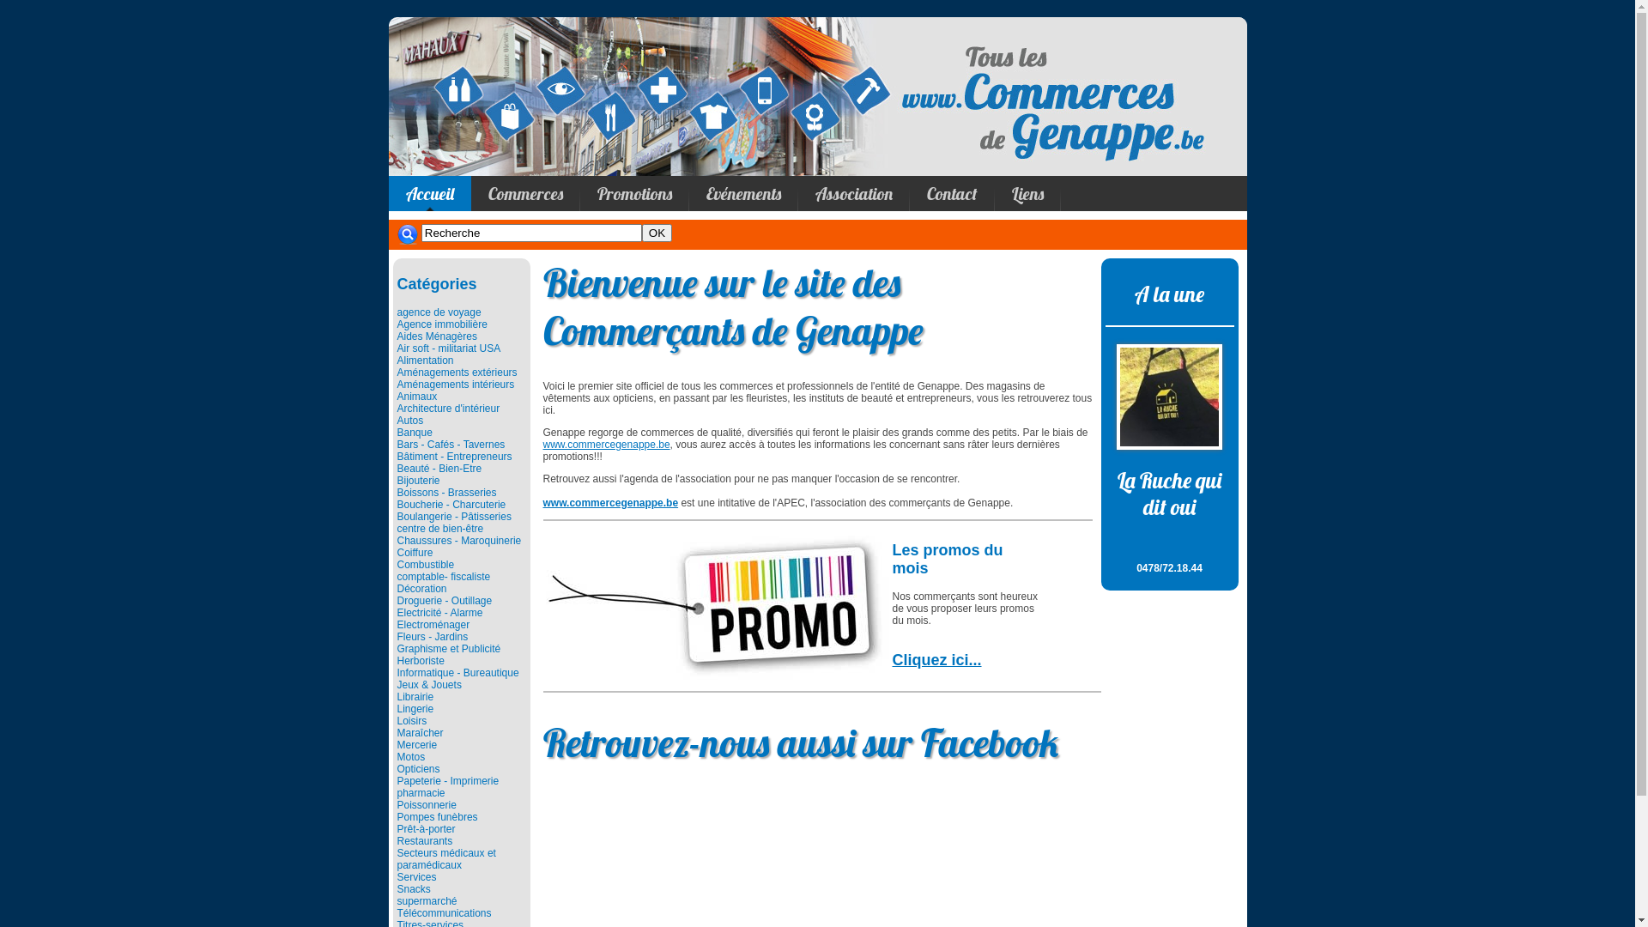 The image size is (1648, 927). Describe the element at coordinates (656, 233) in the screenshot. I see `'OK'` at that location.